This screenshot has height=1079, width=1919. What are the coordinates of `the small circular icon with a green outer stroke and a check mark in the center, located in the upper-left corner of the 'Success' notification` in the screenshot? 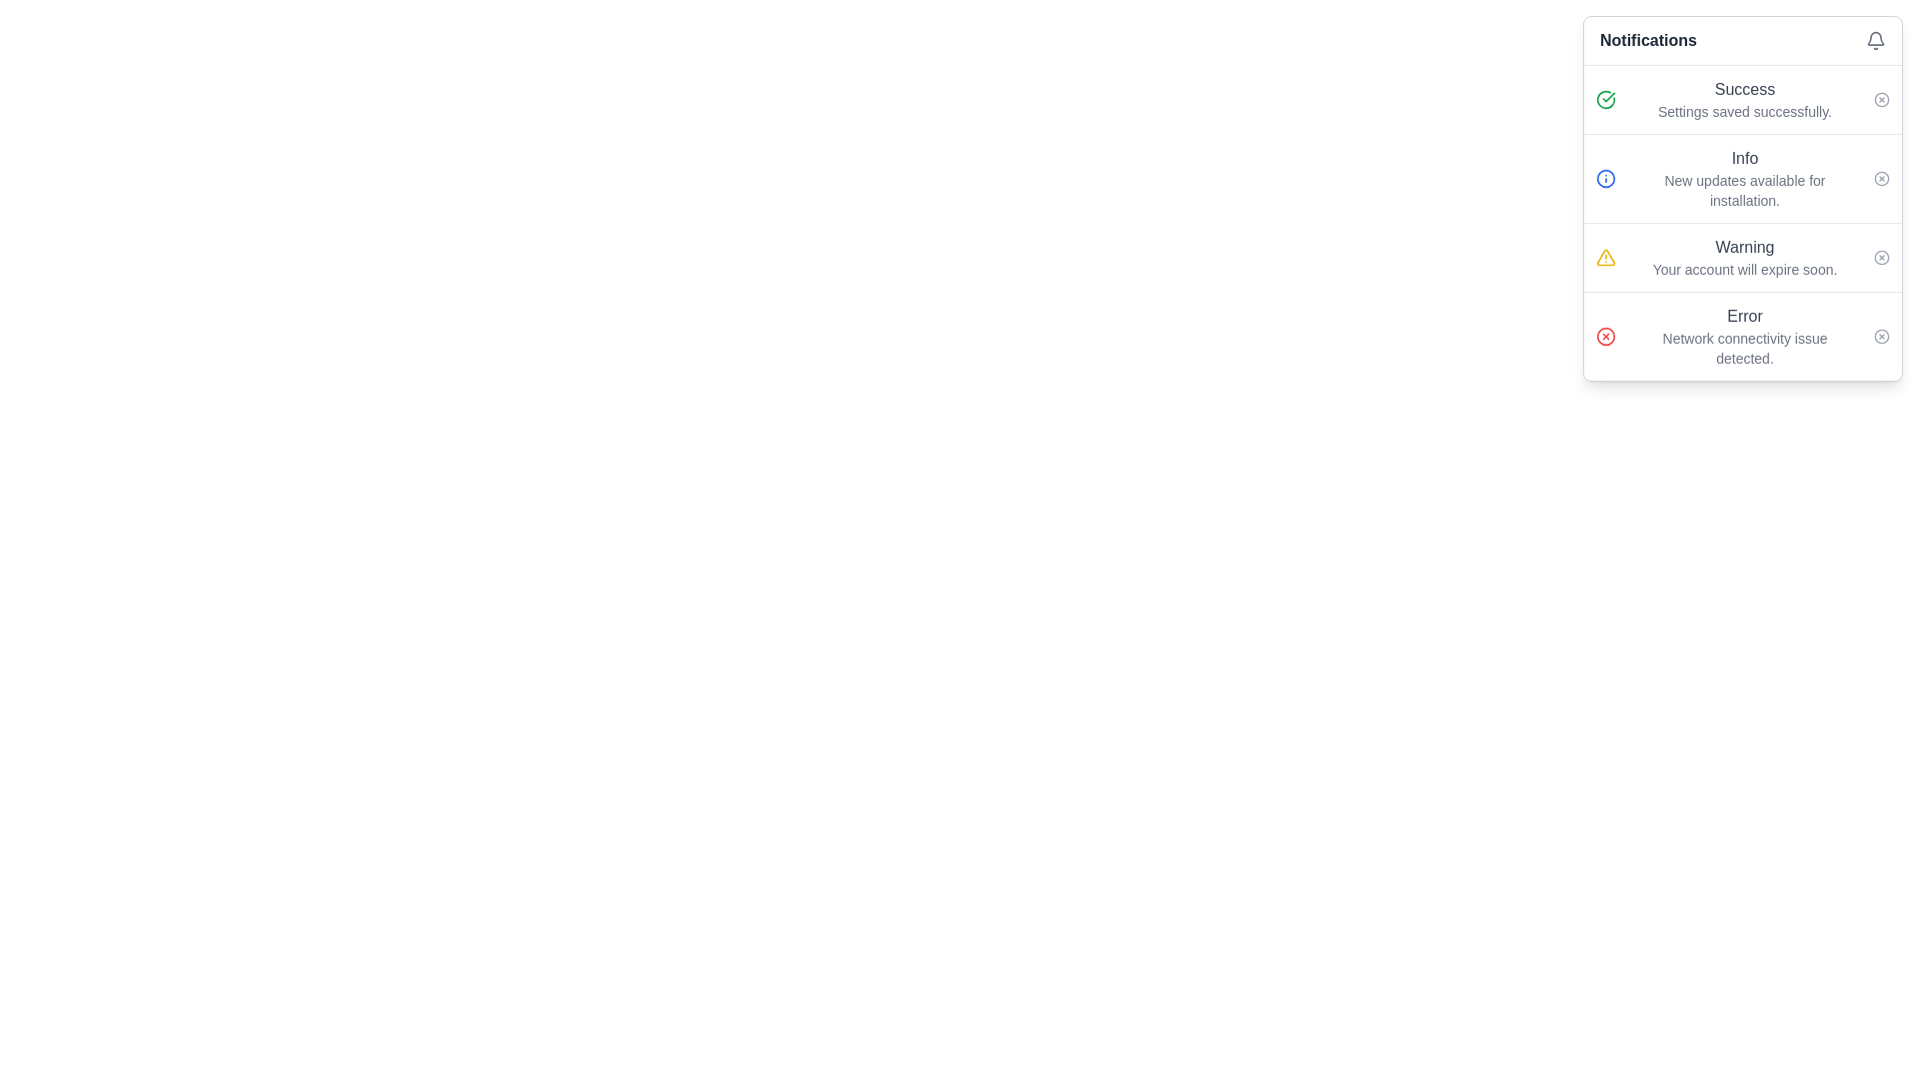 It's located at (1606, 100).